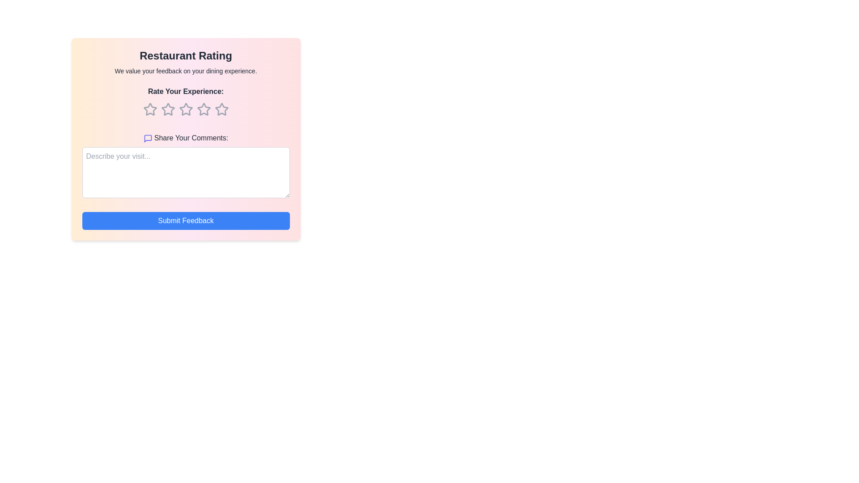 Image resolution: width=859 pixels, height=483 pixels. What do you see at coordinates (185, 103) in the screenshot?
I see `the text heading labeled 'Rate Your Experience:', which is styled in bold and positioned above the star rating interface` at bounding box center [185, 103].